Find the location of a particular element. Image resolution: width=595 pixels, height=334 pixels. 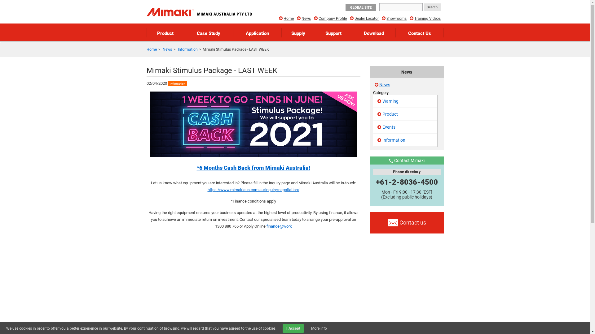

'finance@work' is located at coordinates (266, 226).